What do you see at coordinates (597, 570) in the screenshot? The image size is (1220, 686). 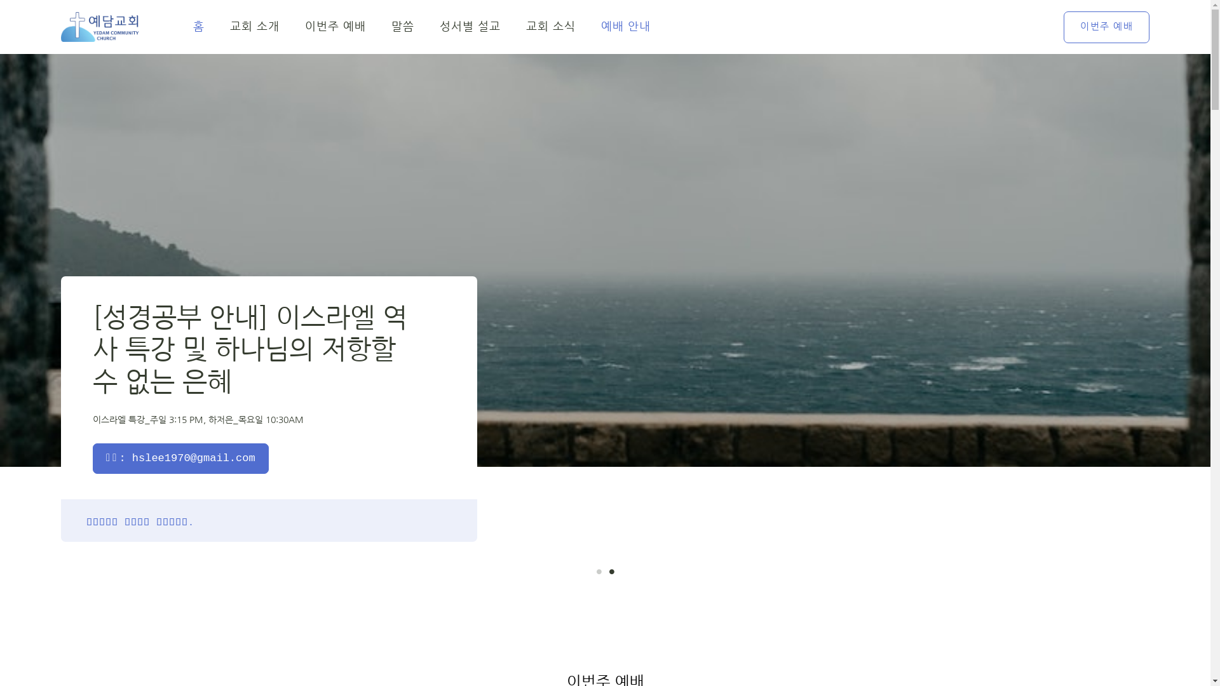 I see `'1'` at bounding box center [597, 570].